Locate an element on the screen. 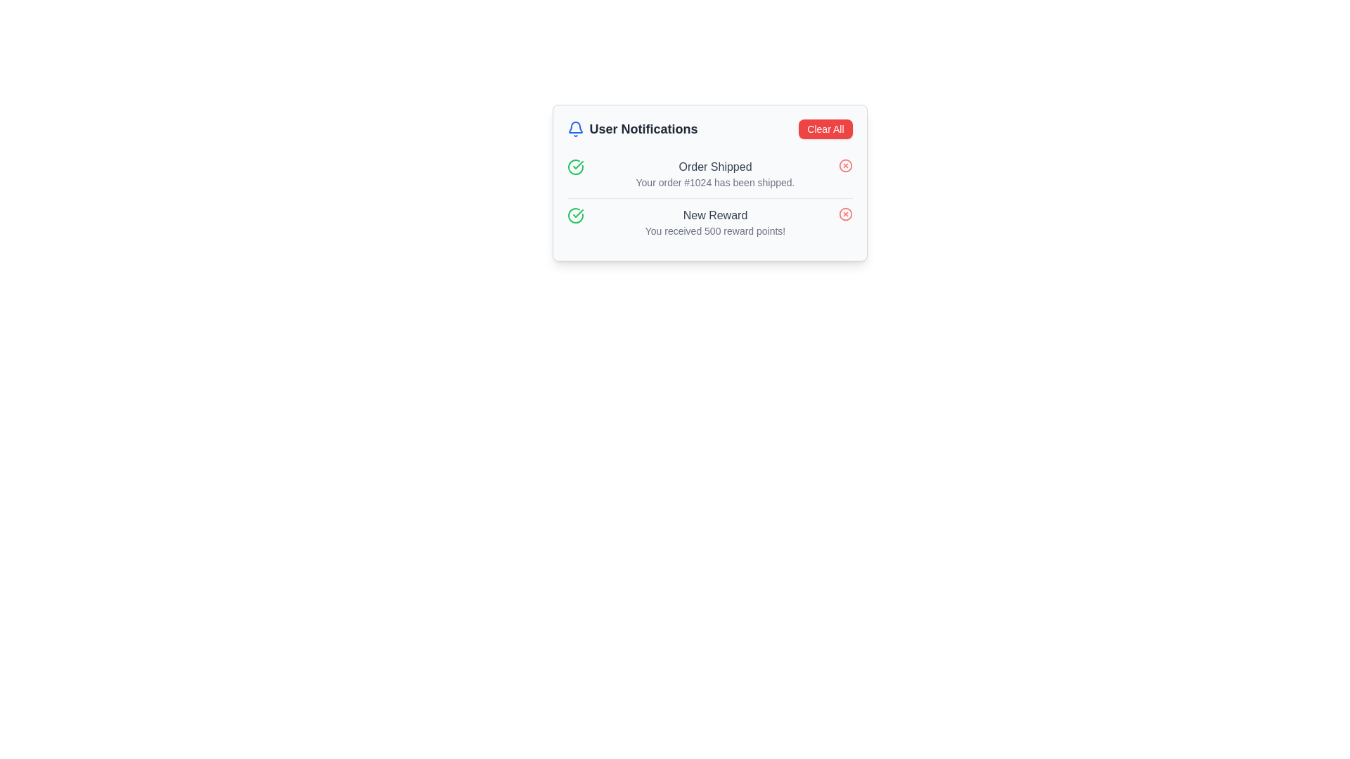 This screenshot has height=759, width=1350. the notification icon that indicates successful processing of the notification, located to the left of the 'Order Shipped' text is located at coordinates (577, 214).